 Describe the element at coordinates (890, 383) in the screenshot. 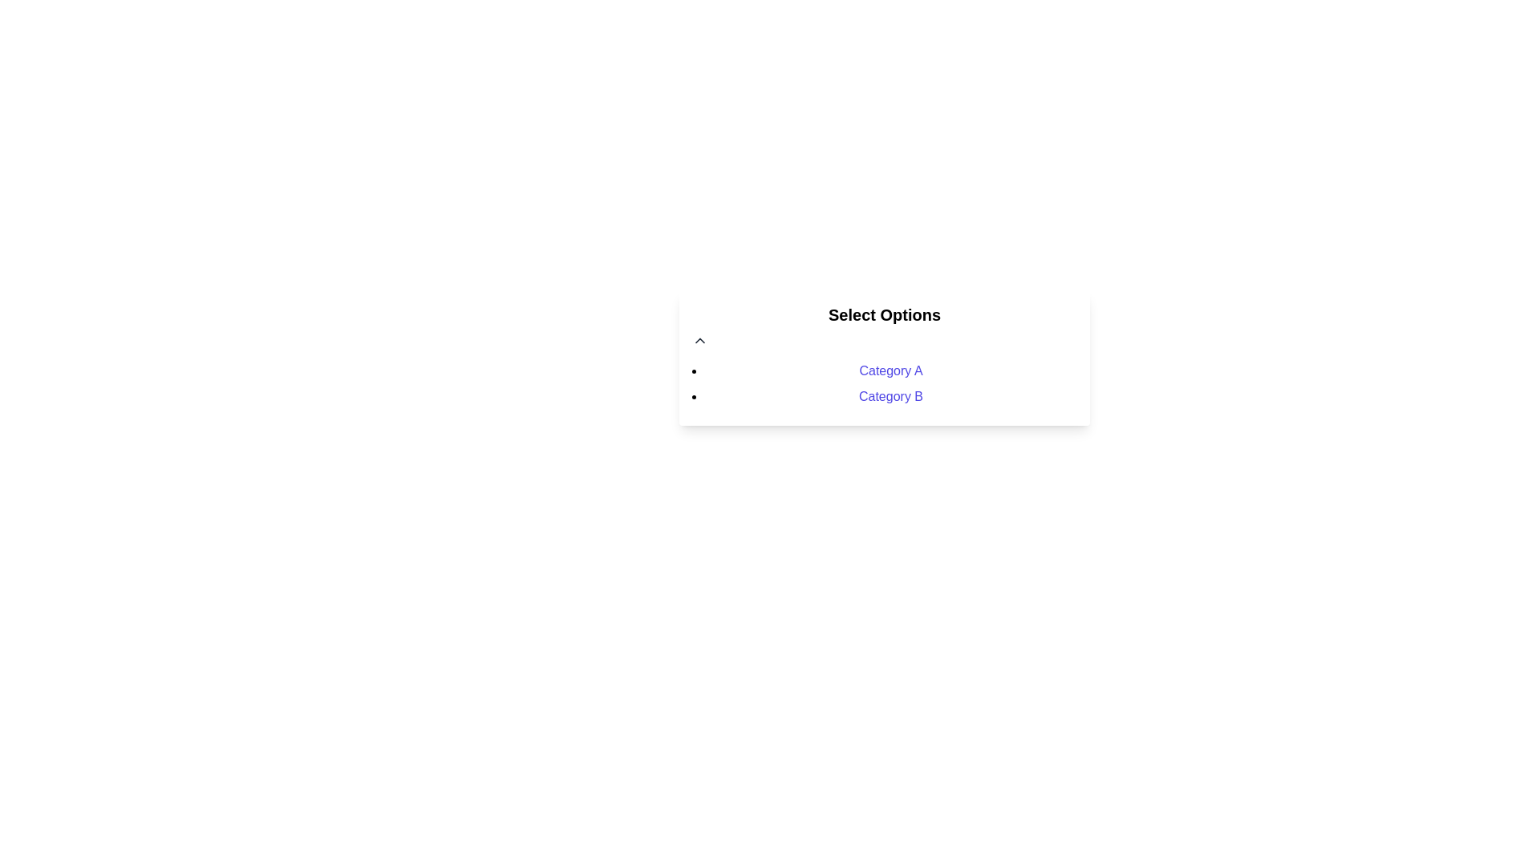

I see `the bulleted list with interactive links under the heading 'Select Options', which includes clickable hyperlinks 'Category A' and 'Category B'` at that location.